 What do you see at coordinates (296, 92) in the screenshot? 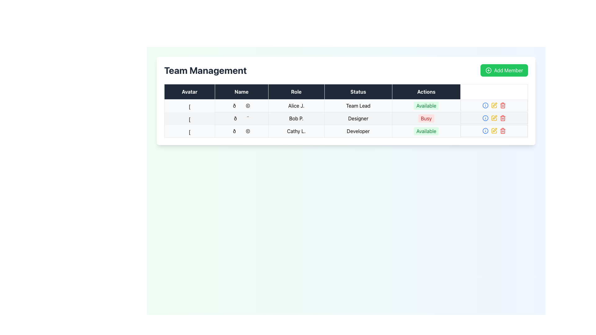
I see `the 'Role' text label, which is the third entry in the header row of a five-column table under 'Team Management'` at bounding box center [296, 92].